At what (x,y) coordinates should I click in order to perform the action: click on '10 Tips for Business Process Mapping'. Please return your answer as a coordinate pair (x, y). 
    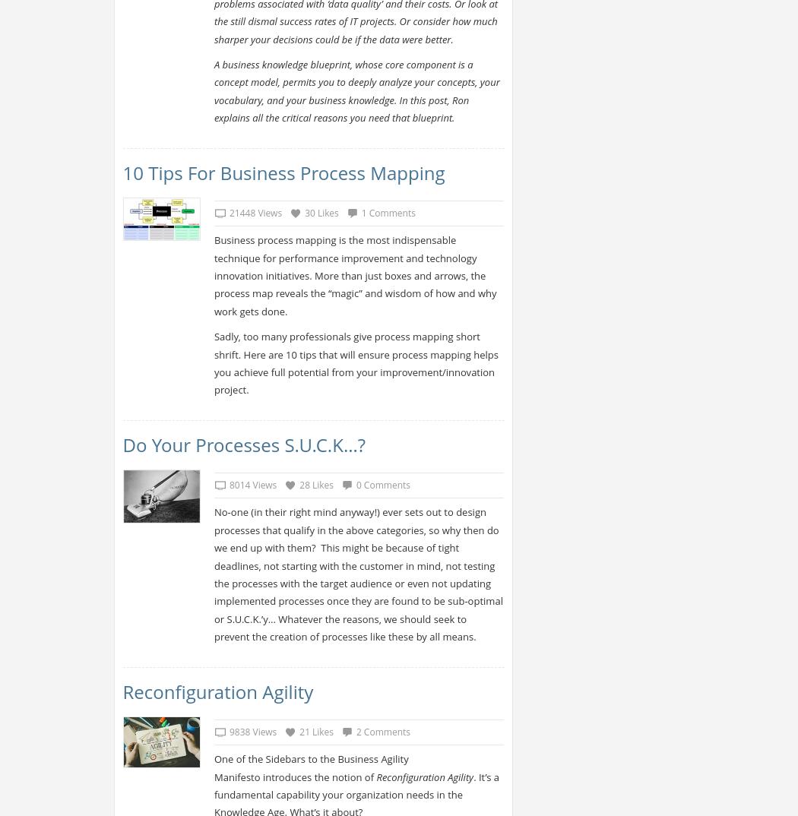
    Looking at the image, I should click on (282, 172).